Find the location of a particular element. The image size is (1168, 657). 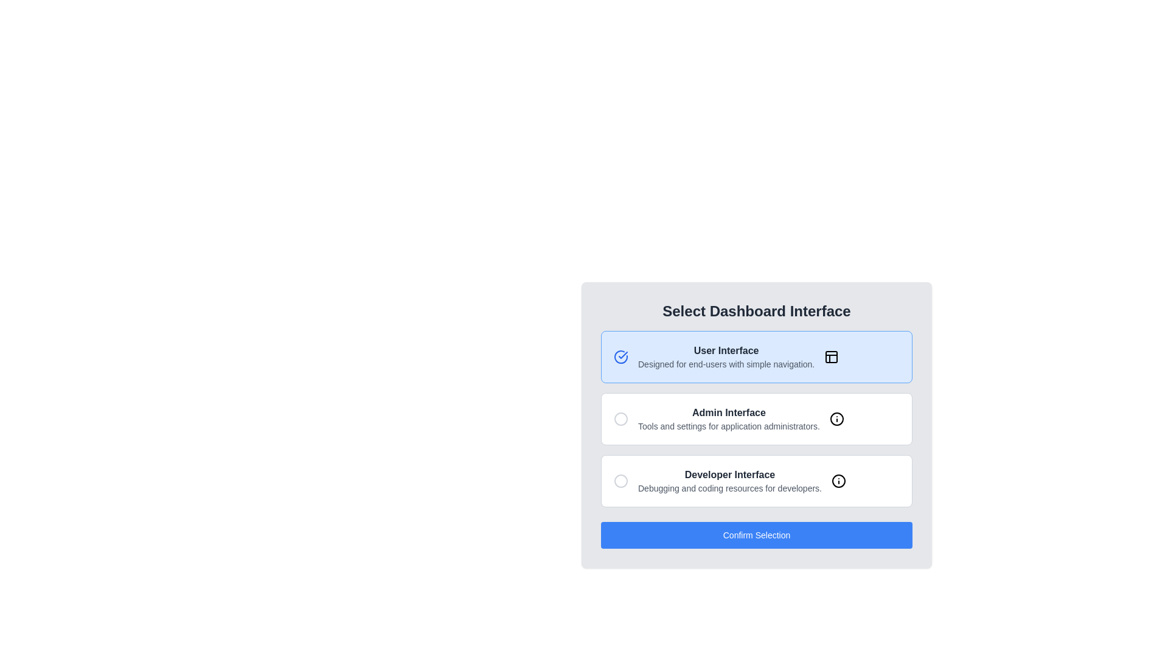

the selection status of the Circular icon with a checkmark, which indicates that the 'User Interface' option is the current choice is located at coordinates (621, 356).